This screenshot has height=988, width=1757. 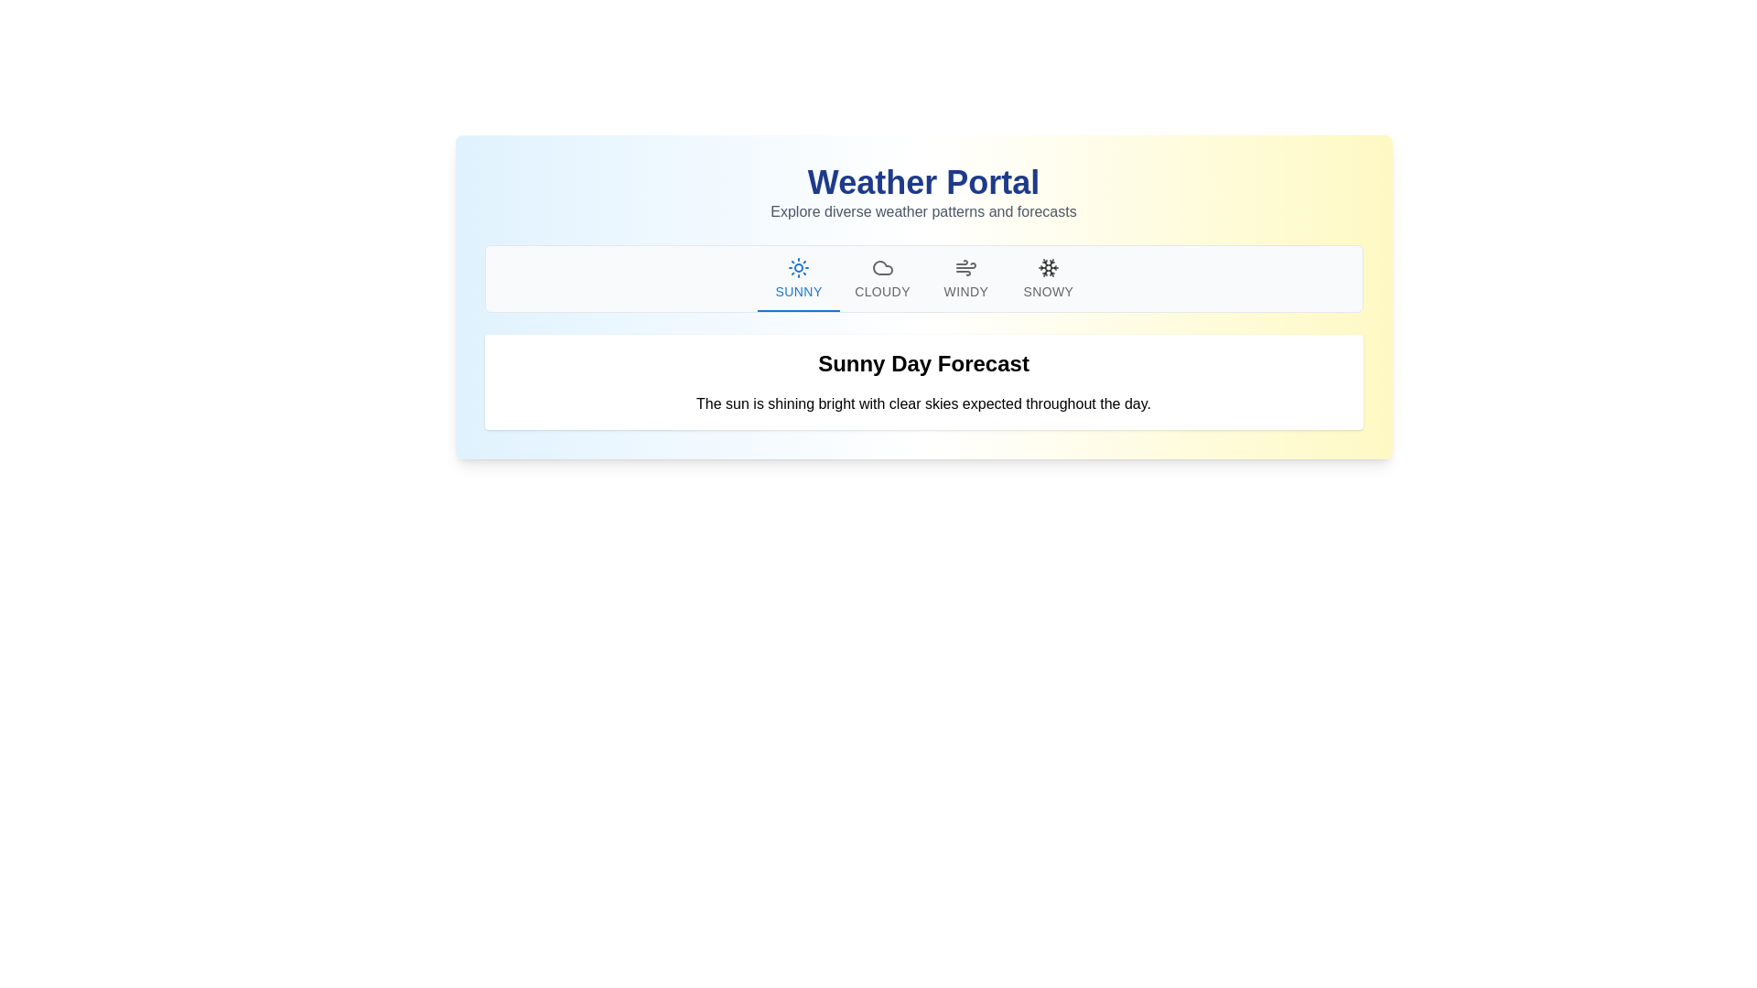 What do you see at coordinates (799, 278) in the screenshot?
I see `the 'Sunny' tab button, which is the first tab in the tab bar and features bright yellow text with a sun icon above it` at bounding box center [799, 278].